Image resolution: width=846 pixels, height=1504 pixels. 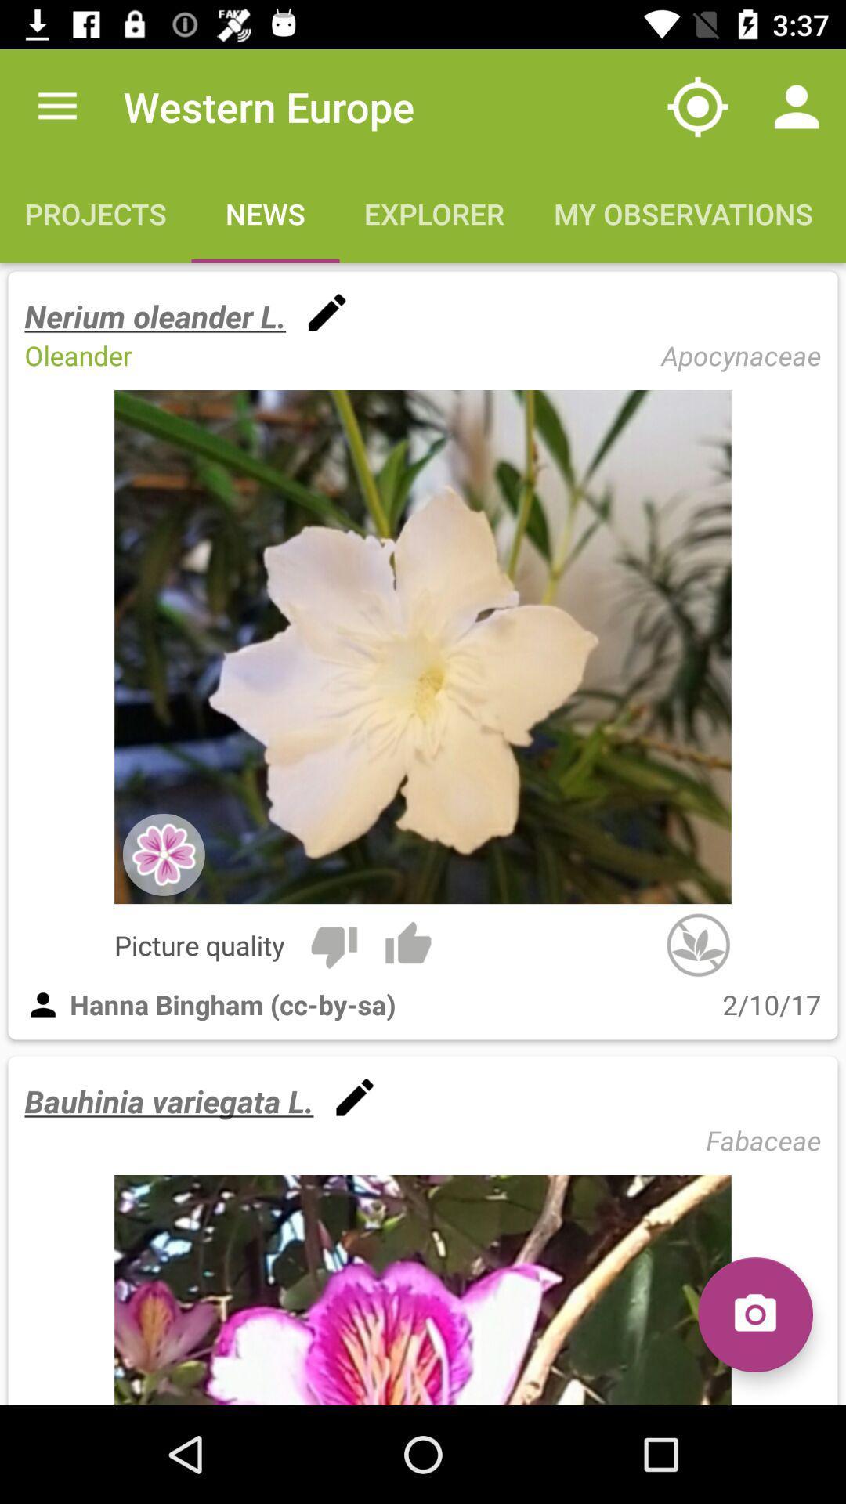 I want to click on the icon next to the picture quality item, so click(x=333, y=944).